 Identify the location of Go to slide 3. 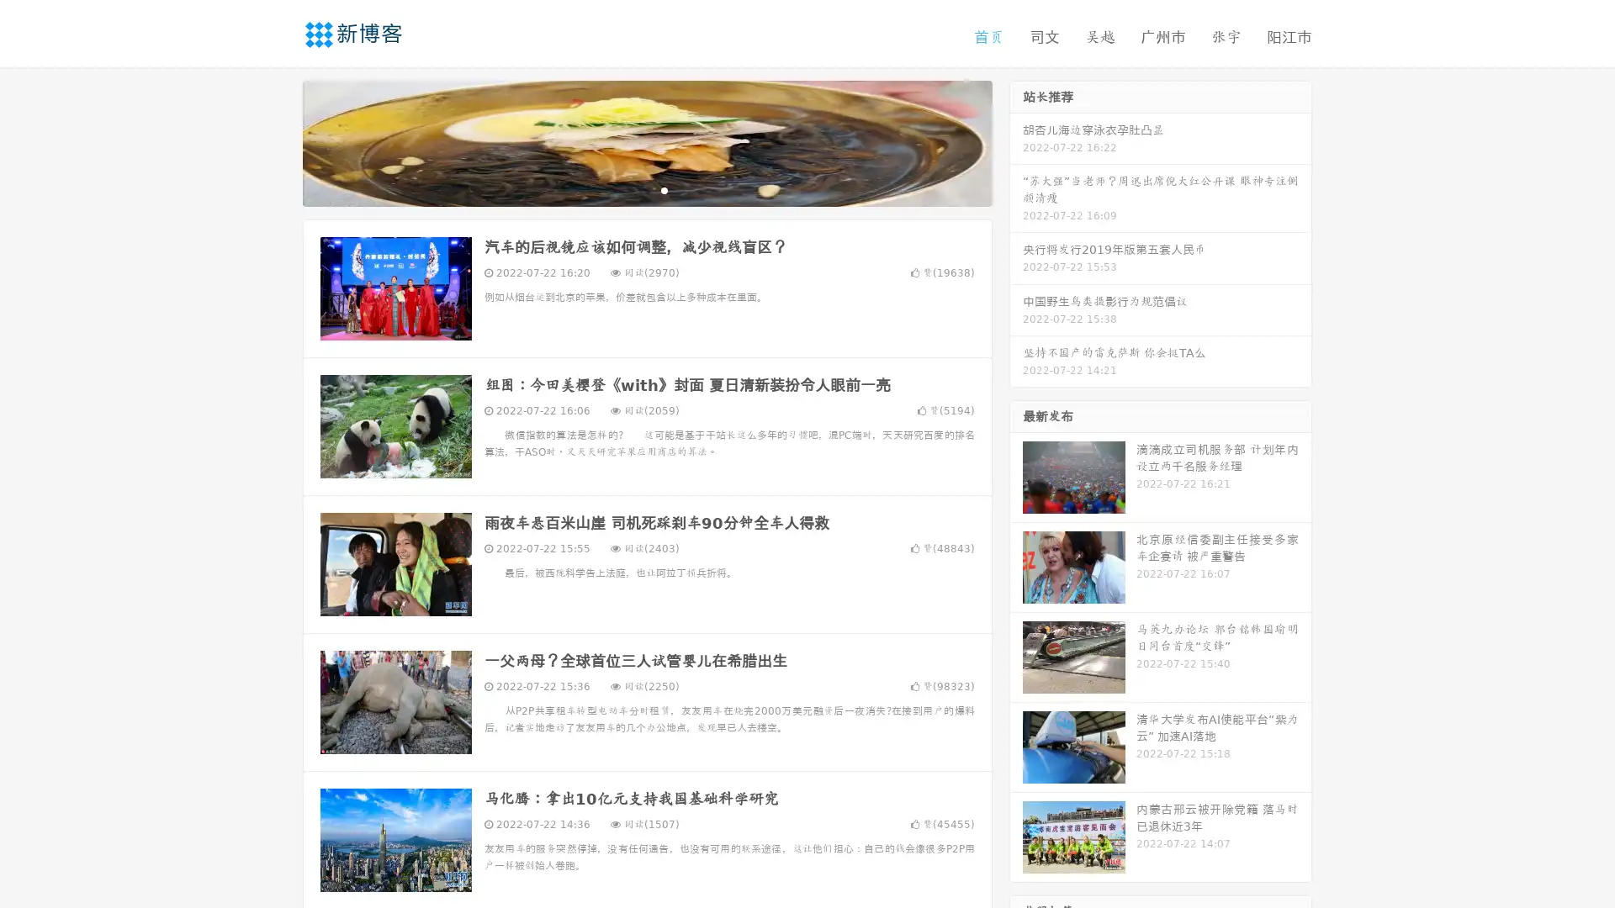
(664, 189).